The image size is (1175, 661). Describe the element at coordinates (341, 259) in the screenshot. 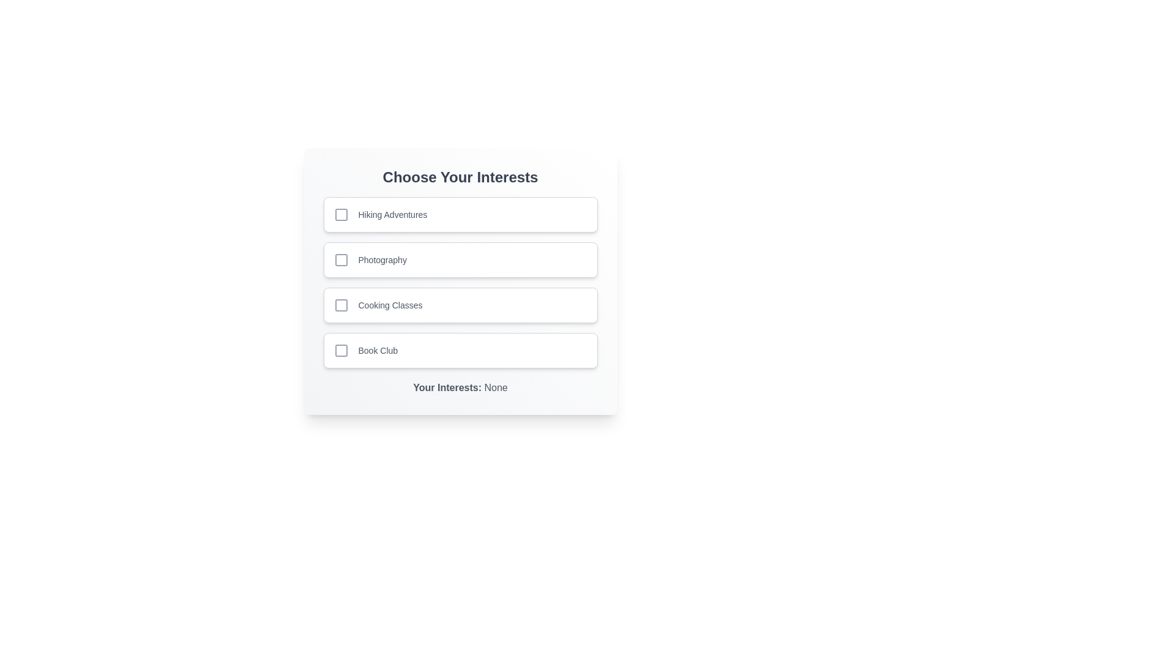

I see `the checkbox styled as an icon with rounded corners next to the label 'Photography'` at that location.